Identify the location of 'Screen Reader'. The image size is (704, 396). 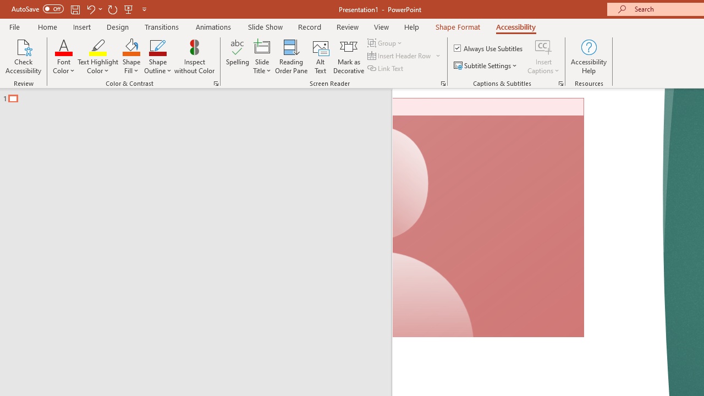
(443, 82).